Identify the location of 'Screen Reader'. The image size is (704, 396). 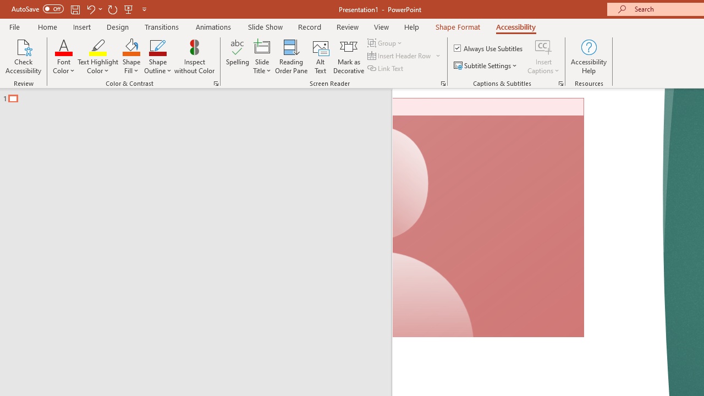
(443, 82).